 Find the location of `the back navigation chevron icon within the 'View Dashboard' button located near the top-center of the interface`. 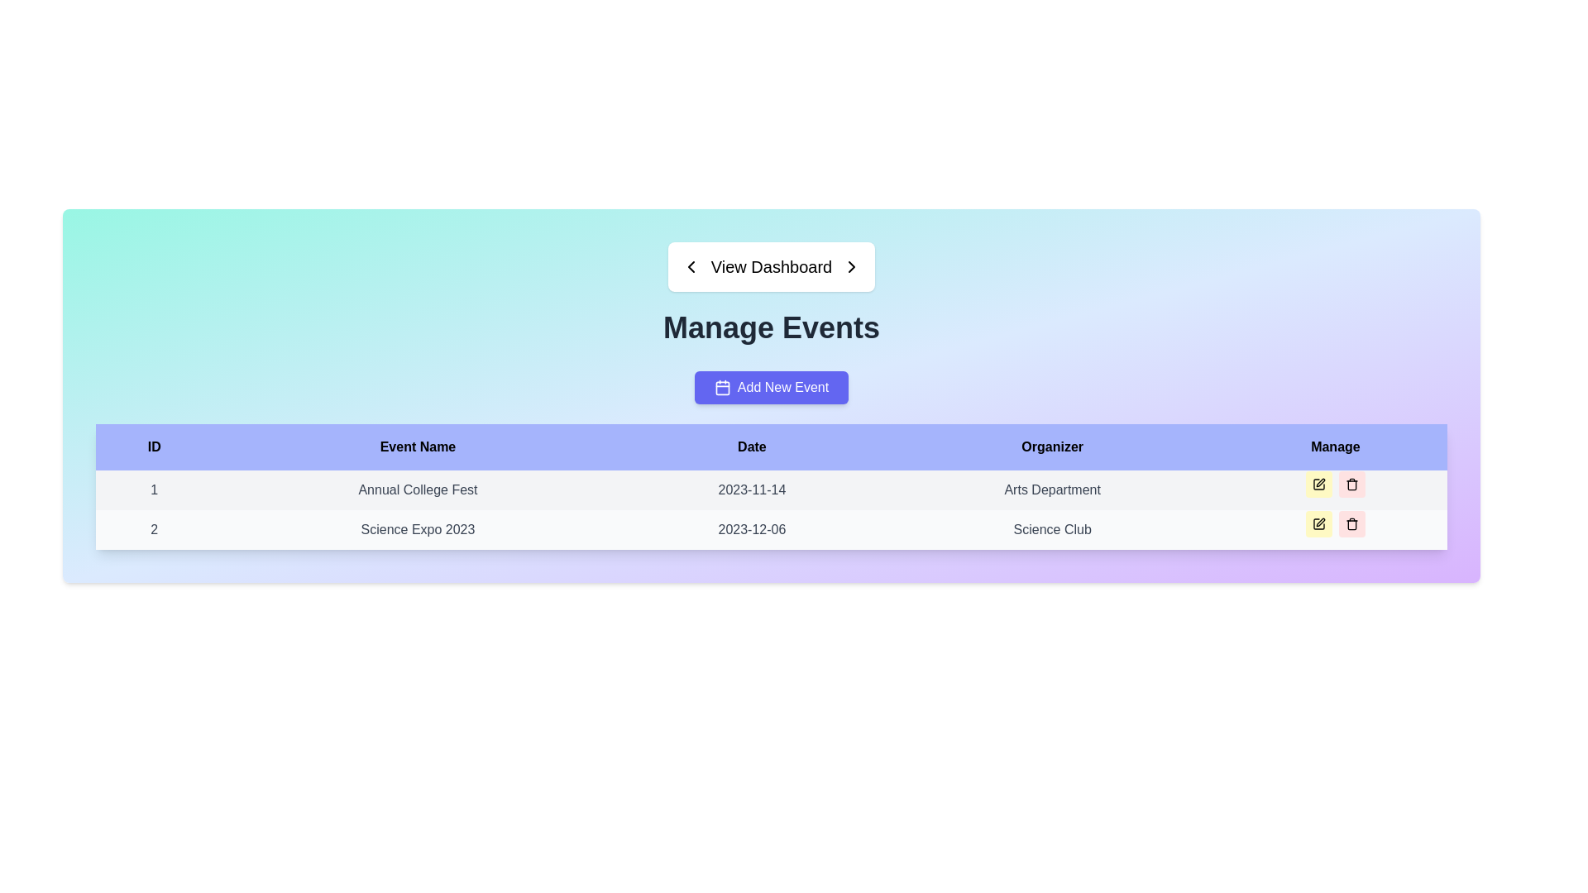

the back navigation chevron icon within the 'View Dashboard' button located near the top-center of the interface is located at coordinates (691, 266).